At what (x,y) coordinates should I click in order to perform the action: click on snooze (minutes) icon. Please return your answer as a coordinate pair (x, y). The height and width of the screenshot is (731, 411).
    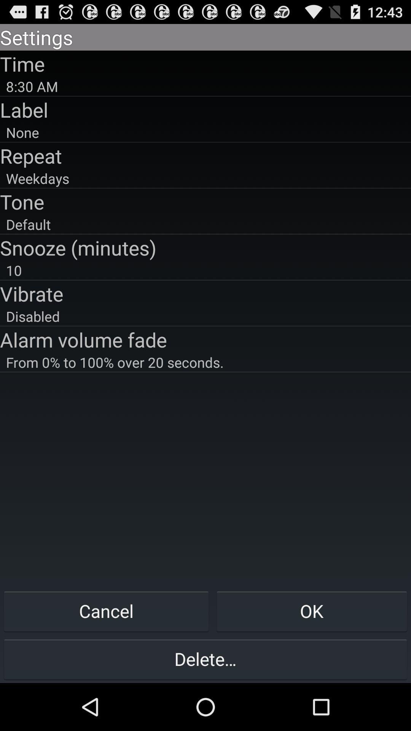
    Looking at the image, I should click on (205, 247).